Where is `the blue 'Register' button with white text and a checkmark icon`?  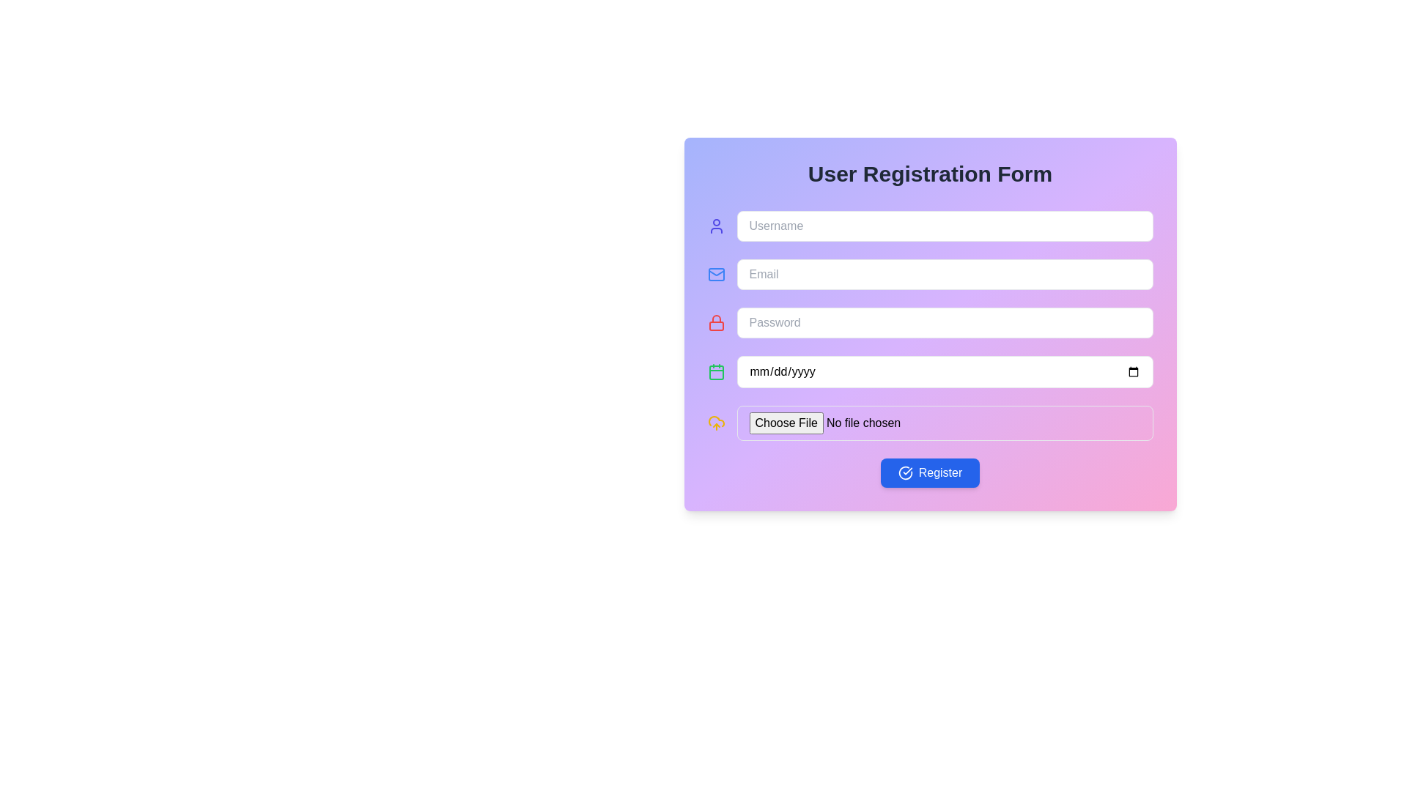
the blue 'Register' button with white text and a checkmark icon is located at coordinates (928, 472).